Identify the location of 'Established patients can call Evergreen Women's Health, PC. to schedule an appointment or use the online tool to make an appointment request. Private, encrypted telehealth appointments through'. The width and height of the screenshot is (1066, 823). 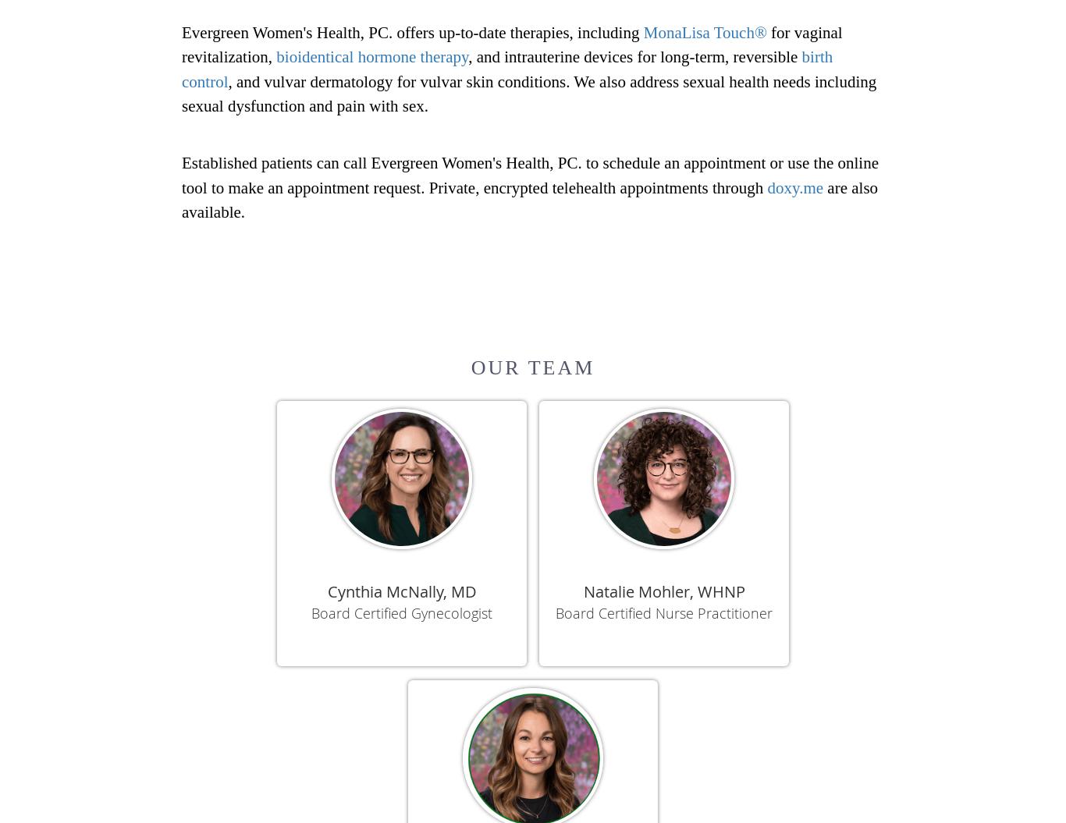
(529, 174).